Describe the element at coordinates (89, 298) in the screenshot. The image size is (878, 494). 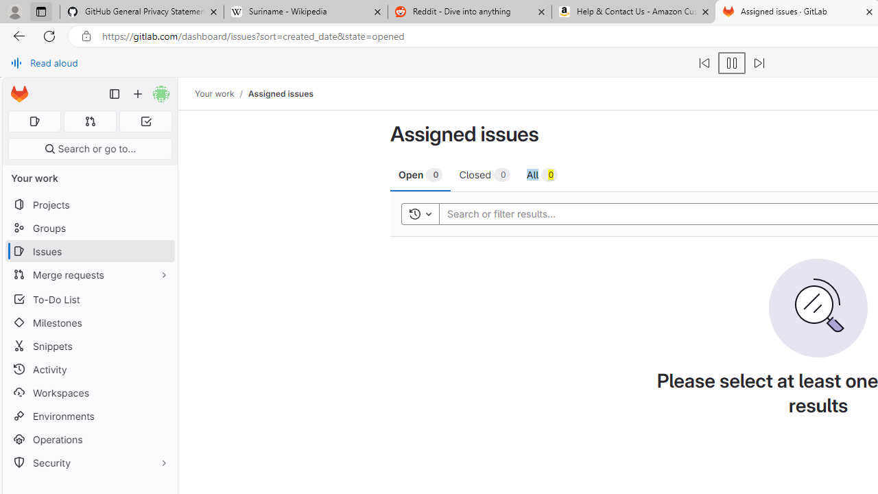
I see `'To-Do List'` at that location.